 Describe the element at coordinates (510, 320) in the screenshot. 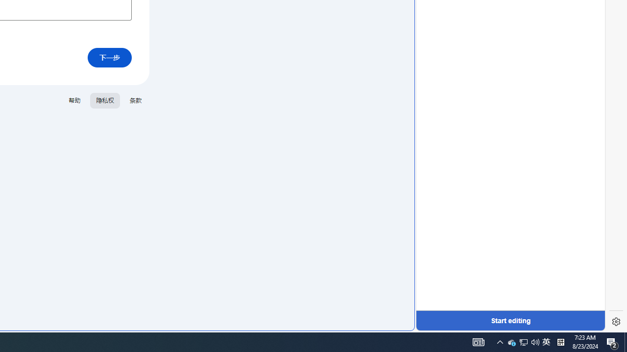

I see `'Start editing'` at that location.